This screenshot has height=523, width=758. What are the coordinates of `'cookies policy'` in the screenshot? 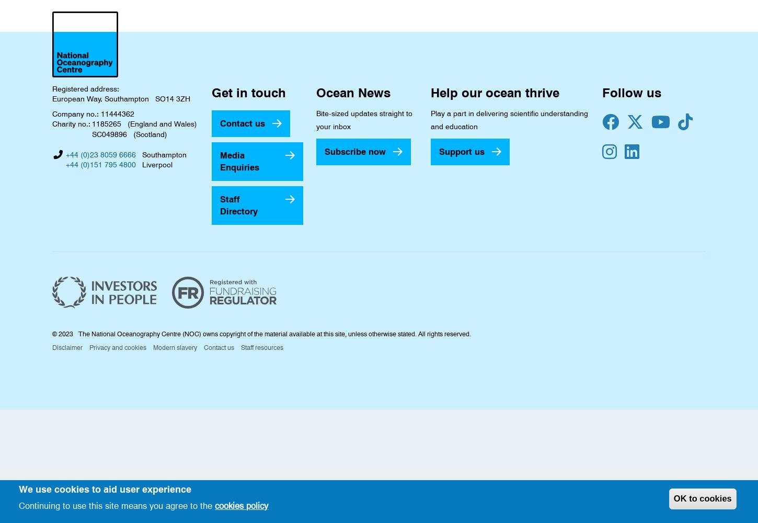 It's located at (240, 505).